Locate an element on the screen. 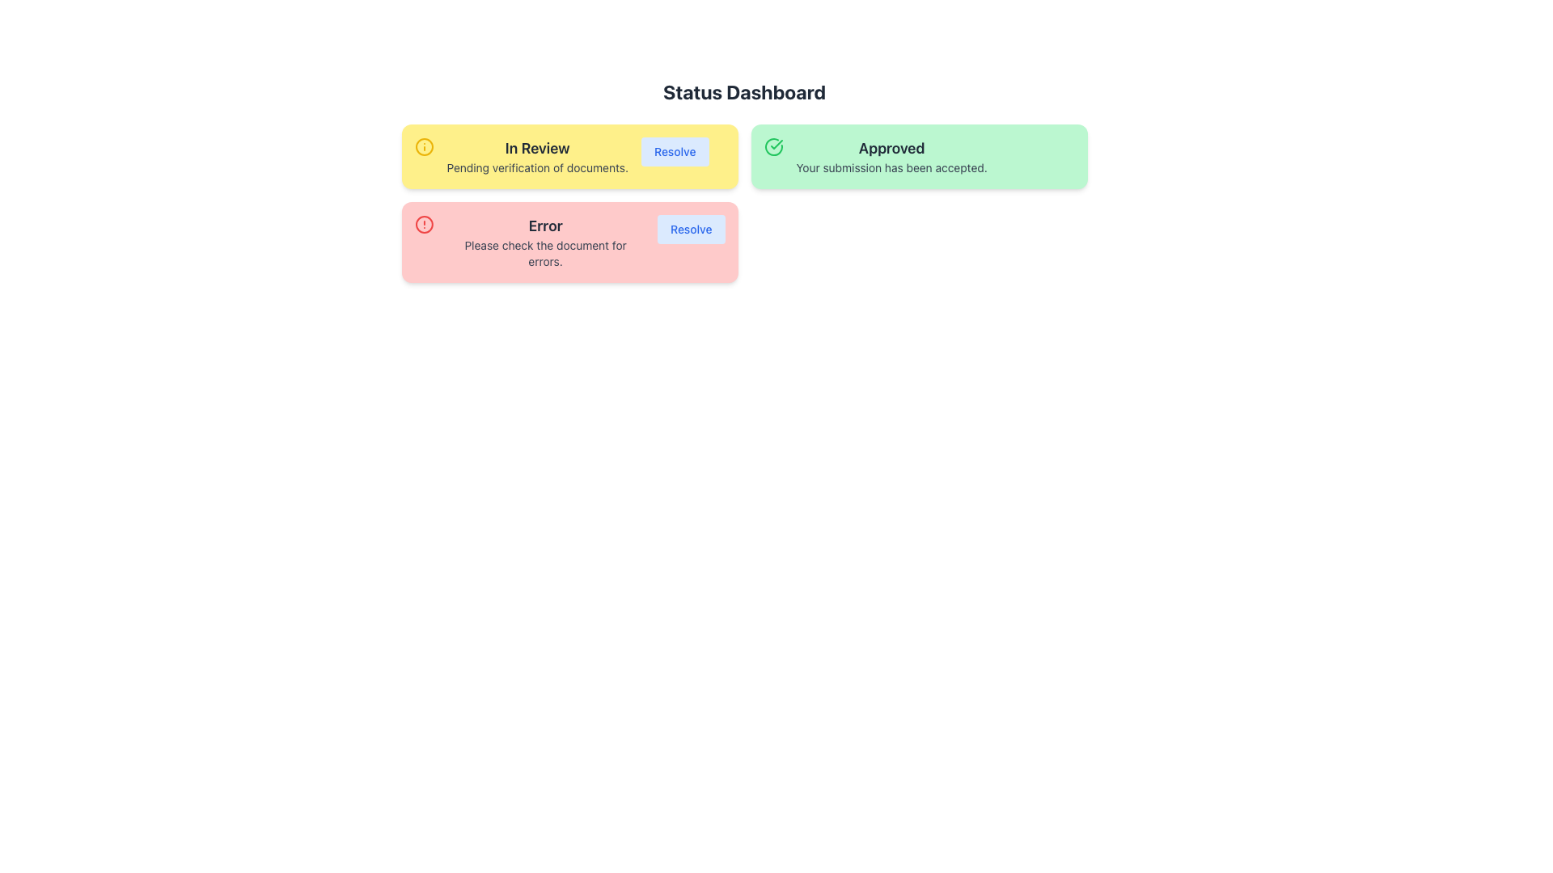 Image resolution: width=1553 pixels, height=873 pixels. the Notification card indicating 'In Review' state is located at coordinates (569, 156).